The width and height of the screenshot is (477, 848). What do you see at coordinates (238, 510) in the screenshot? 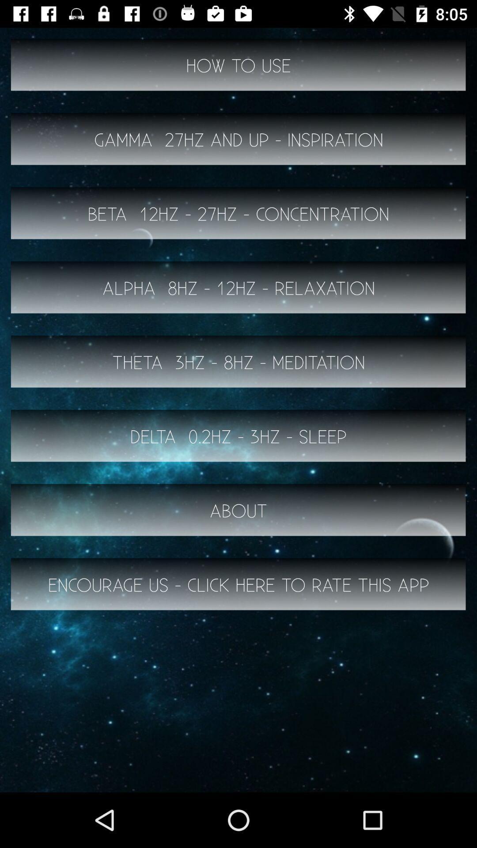
I see `the about item` at bounding box center [238, 510].